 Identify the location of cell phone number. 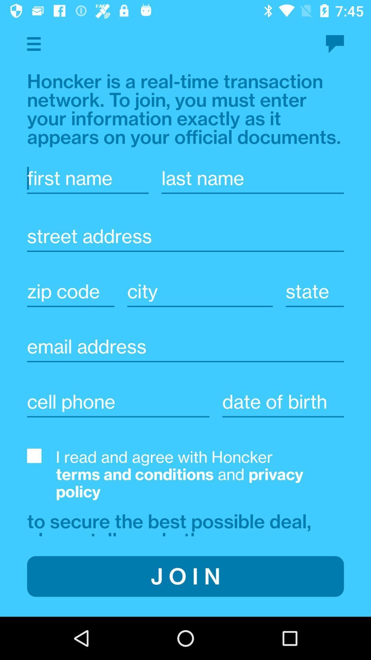
(118, 401).